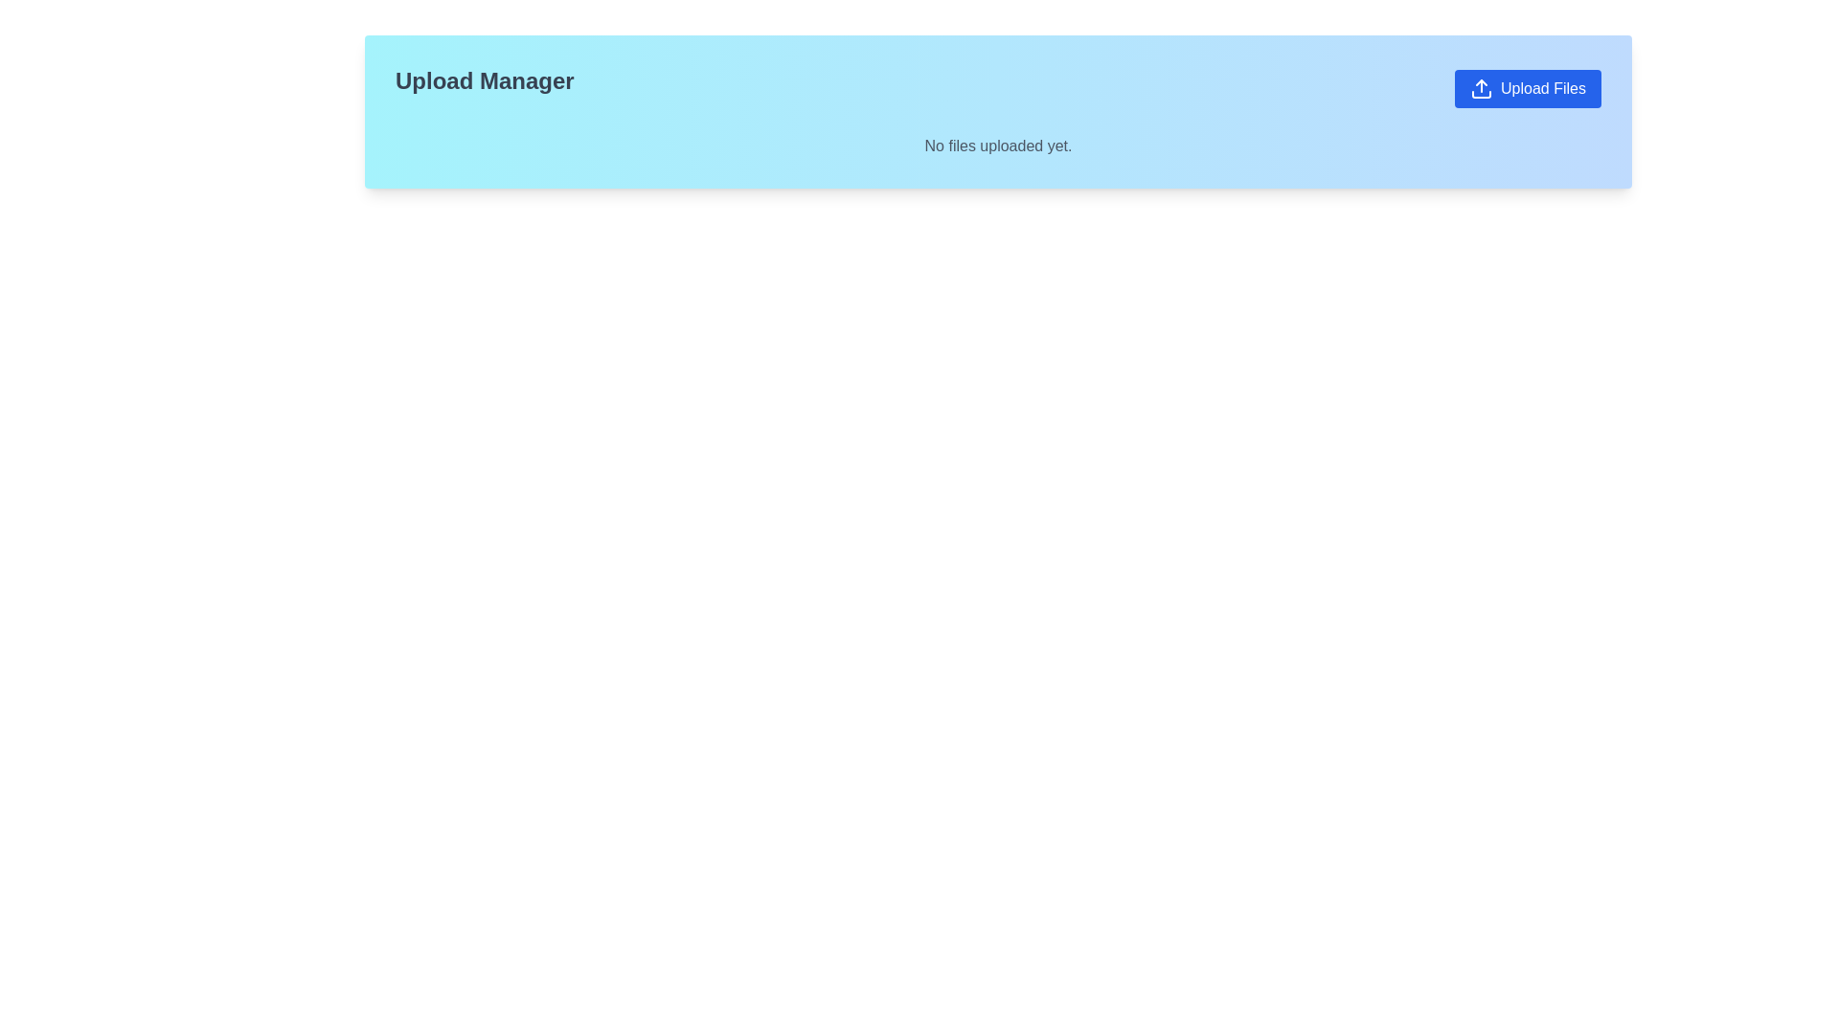 The image size is (1839, 1034). Describe the element at coordinates (997, 146) in the screenshot. I see `the static text indicating no files uploaded, located in the upload manager UI below the 'Upload Files' button and the title 'Upload Manager'` at that location.